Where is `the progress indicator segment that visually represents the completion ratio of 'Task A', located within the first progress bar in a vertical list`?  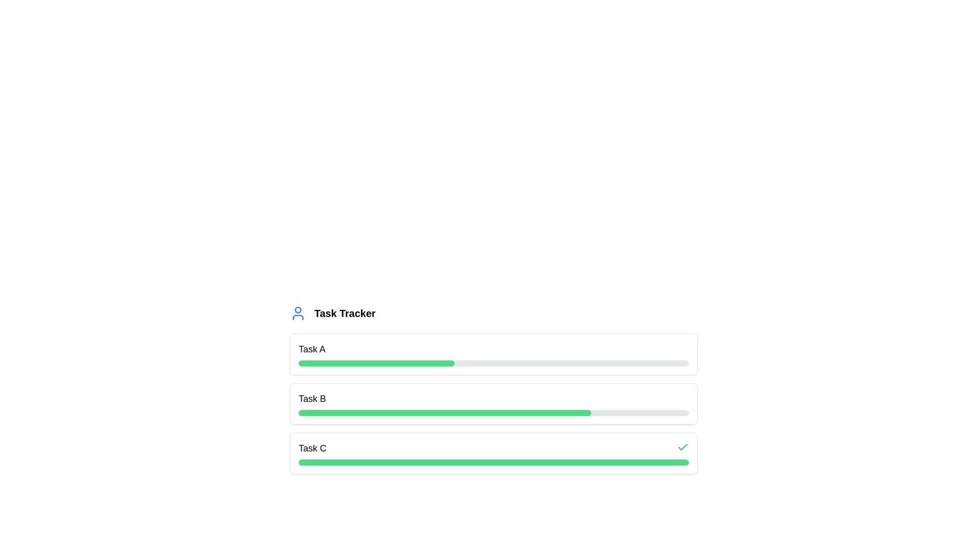 the progress indicator segment that visually represents the completion ratio of 'Task A', located within the first progress bar in a vertical list is located at coordinates (376, 362).